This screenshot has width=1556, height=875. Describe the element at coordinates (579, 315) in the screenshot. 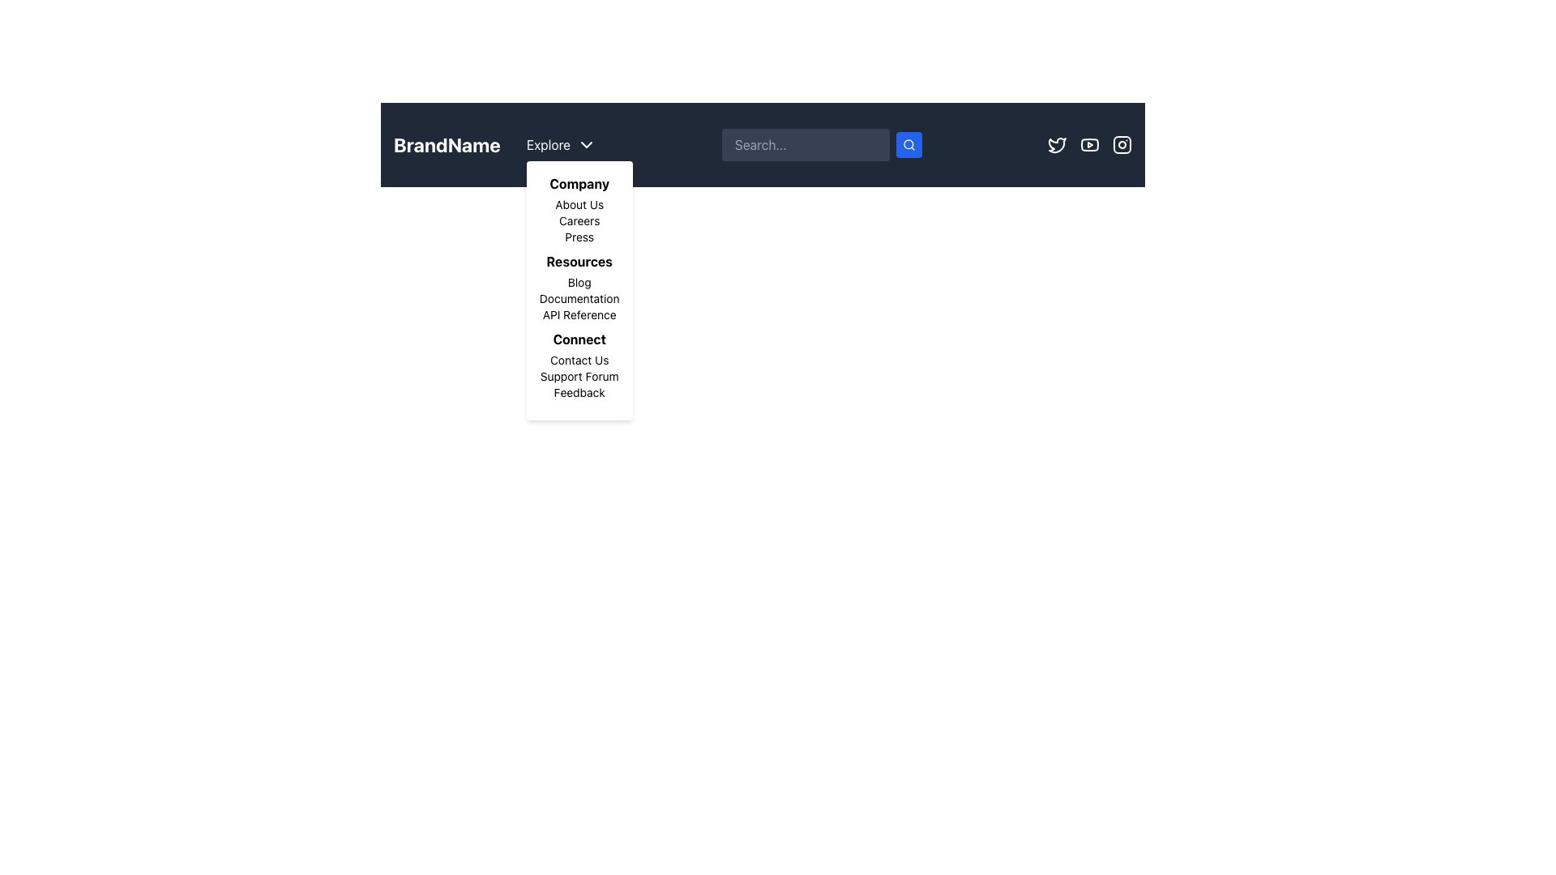

I see `the 'API Reference' interactive text link located in the dropdown menu under the 'Resources' section` at that location.